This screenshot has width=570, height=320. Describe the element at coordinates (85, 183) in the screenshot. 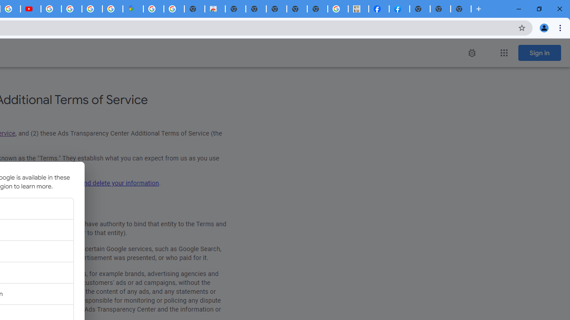

I see `'update, manage, export, and delete your information'` at that location.